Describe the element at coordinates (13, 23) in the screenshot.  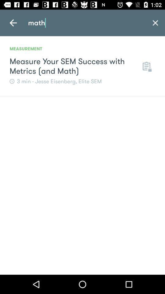
I see `icon next to the math` at that location.